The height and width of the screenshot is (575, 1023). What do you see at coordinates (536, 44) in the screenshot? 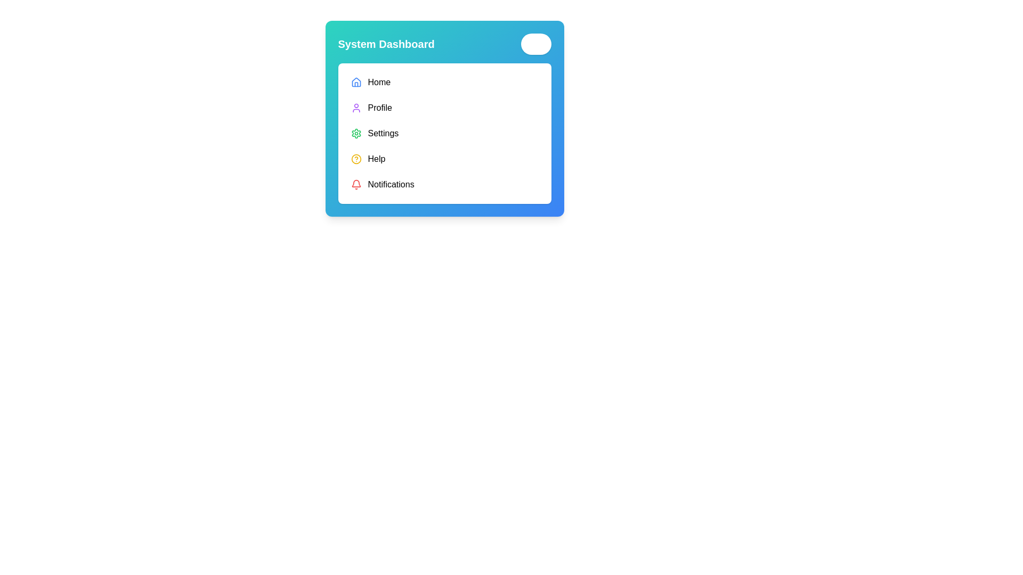
I see `the close button located at the upper-right corner of the module, next to the 'System Dashboard' title` at bounding box center [536, 44].